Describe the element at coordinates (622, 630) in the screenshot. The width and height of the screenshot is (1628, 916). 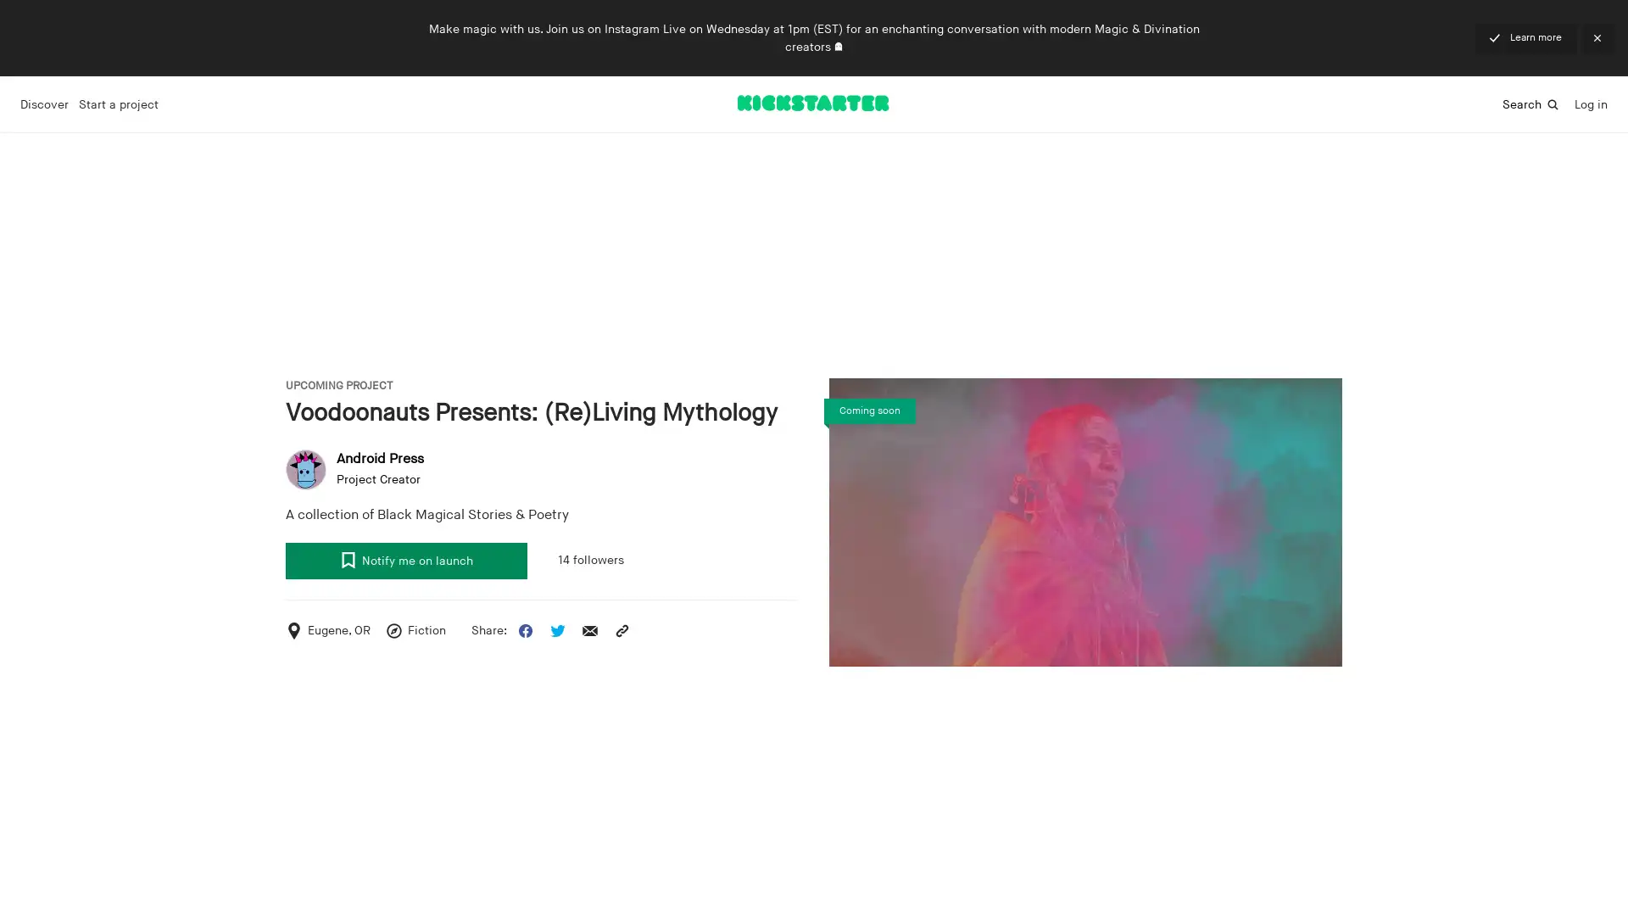
I see `Copy the project URL to your clipboard` at that location.